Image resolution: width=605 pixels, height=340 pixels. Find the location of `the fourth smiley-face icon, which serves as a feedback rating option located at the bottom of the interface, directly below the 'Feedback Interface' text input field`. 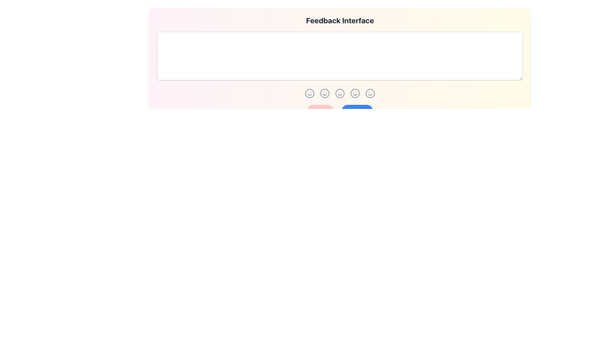

the fourth smiley-face icon, which serves as a feedback rating option located at the bottom of the interface, directly below the 'Feedback Interface' text input field is located at coordinates (355, 93).